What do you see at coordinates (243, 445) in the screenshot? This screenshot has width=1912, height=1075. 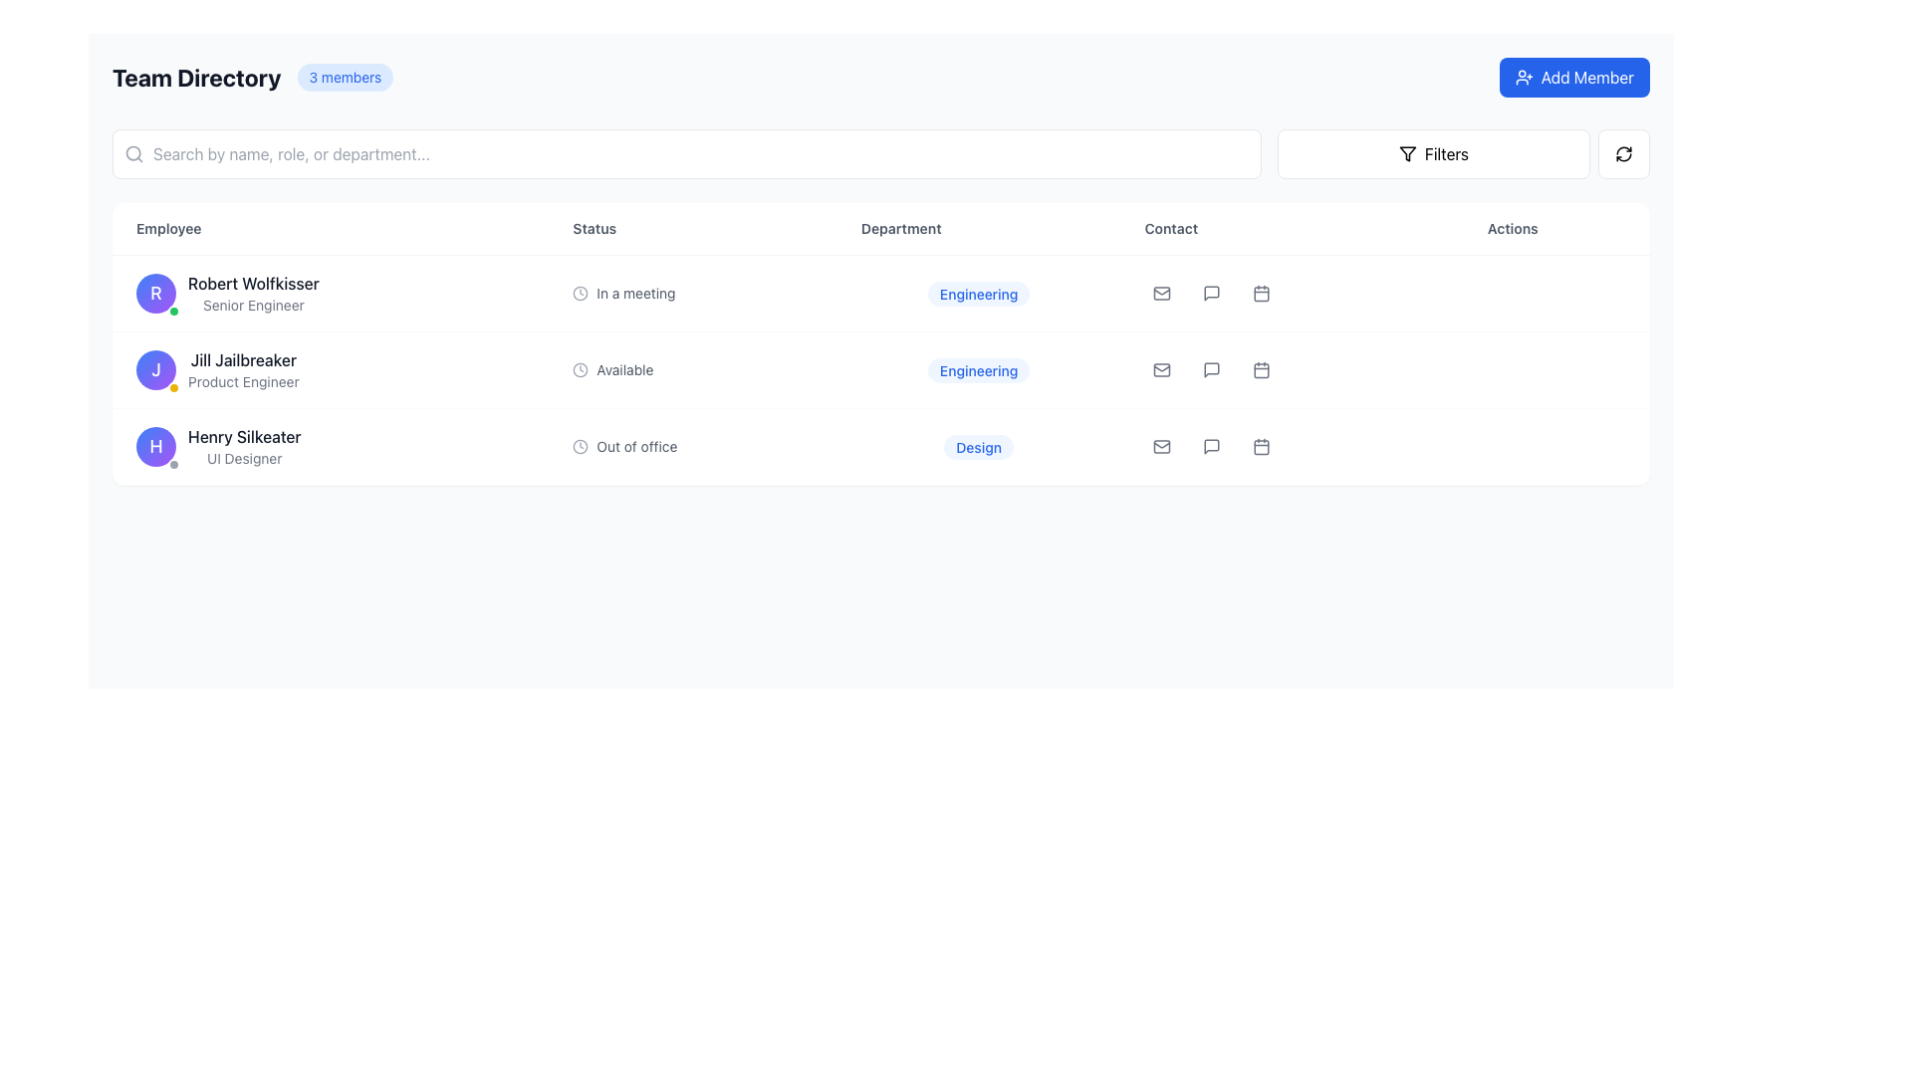 I see `the row containing the label with the text 'Henry Silkeater' and subtext 'UI Designer', which is the third entry in the 'Employee' list` at bounding box center [243, 445].